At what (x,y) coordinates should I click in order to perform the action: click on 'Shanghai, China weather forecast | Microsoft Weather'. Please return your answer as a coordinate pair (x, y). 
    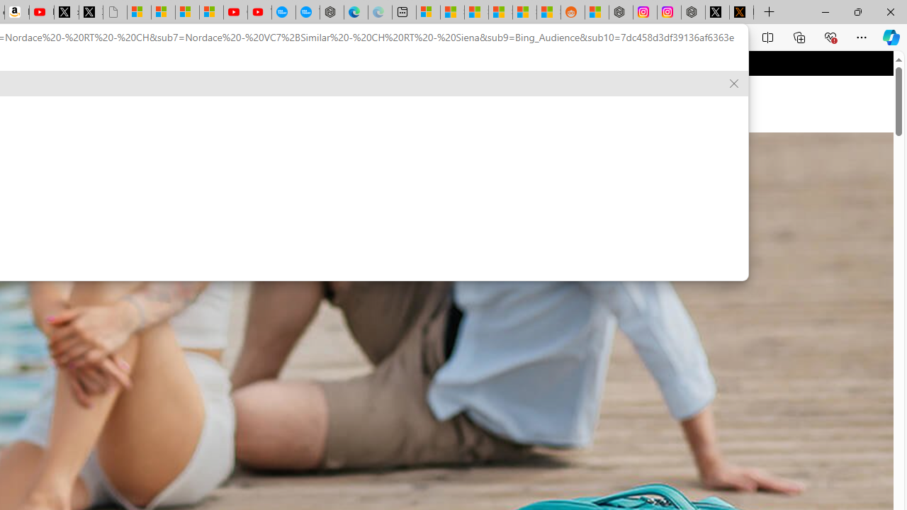
    Looking at the image, I should click on (451, 12).